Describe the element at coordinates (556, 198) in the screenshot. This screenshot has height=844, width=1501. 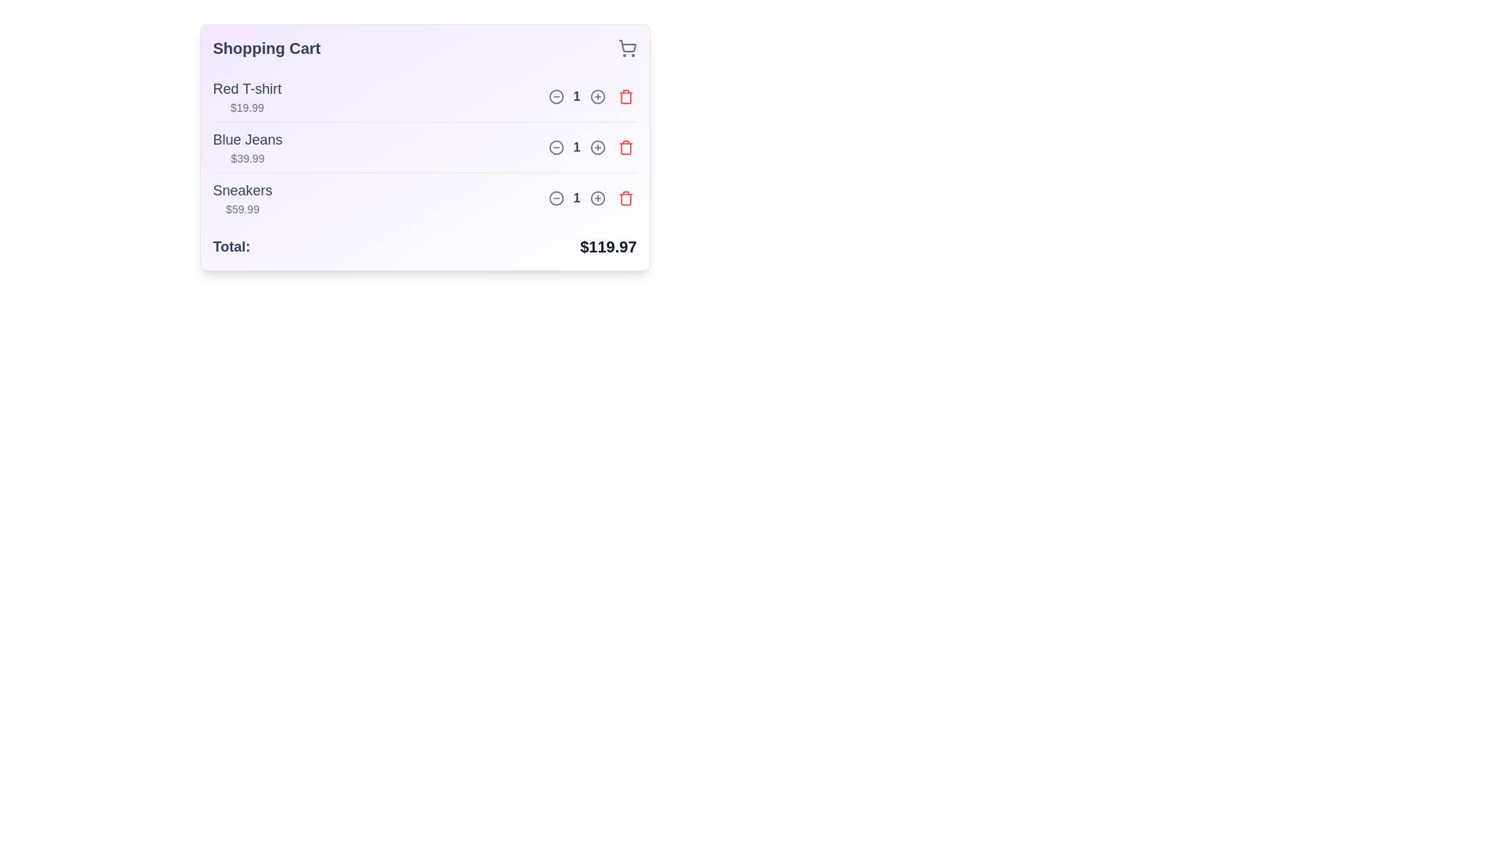
I see `the circular button located to the left of the quantity indicator for the 'Sneakers' item in the shopping cart interface` at that location.